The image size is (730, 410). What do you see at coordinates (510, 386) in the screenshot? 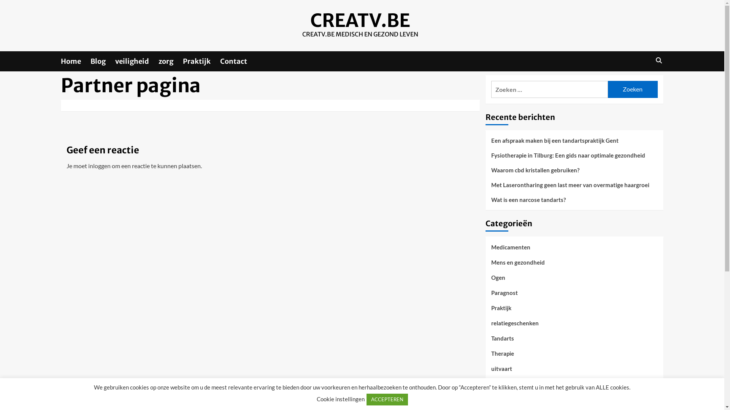
I see `'Uncategorized'` at bounding box center [510, 386].